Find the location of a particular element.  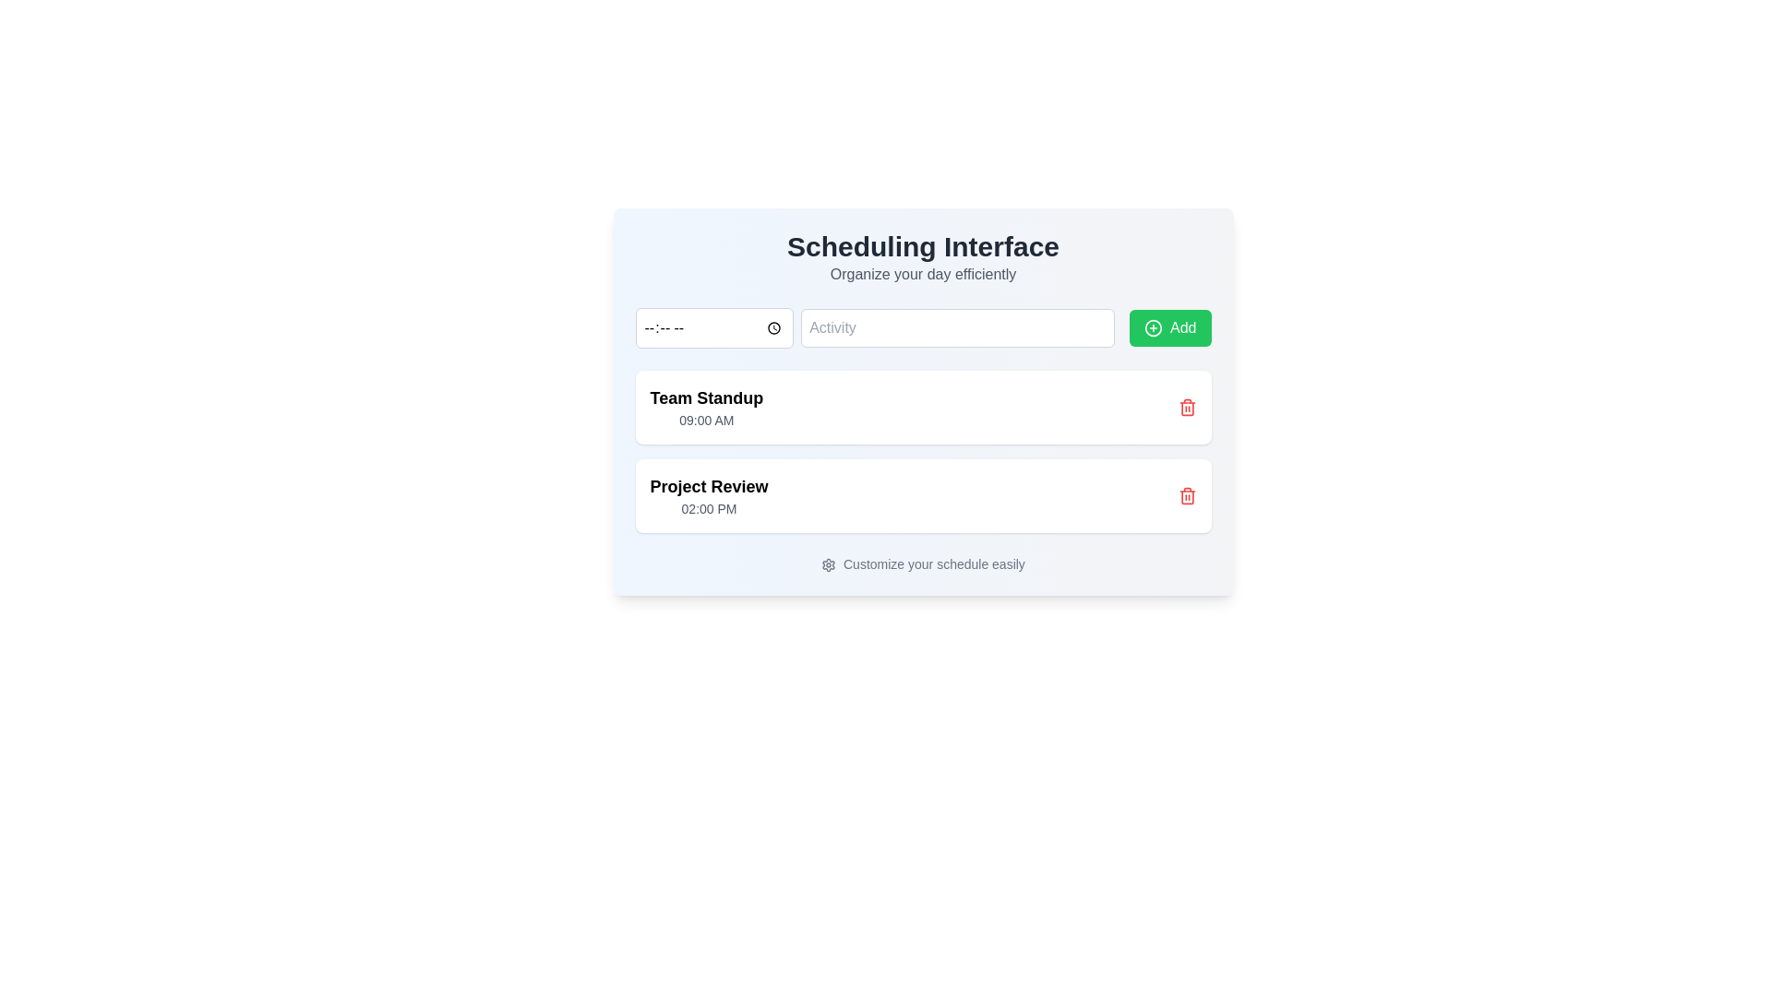

the 'Team Standup' card is located at coordinates (923, 407).